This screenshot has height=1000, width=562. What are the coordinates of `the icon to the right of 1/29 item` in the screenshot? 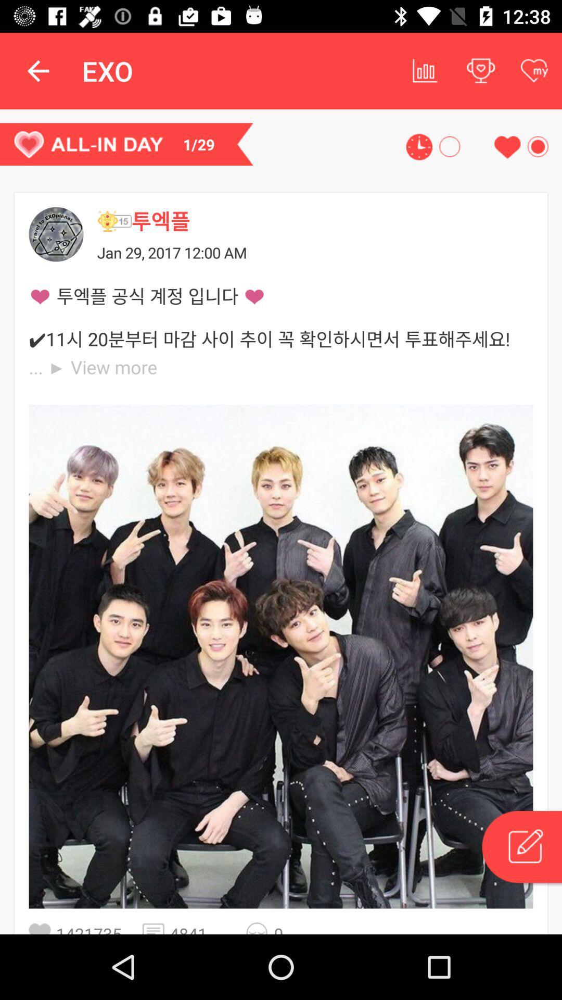 It's located at (418, 146).